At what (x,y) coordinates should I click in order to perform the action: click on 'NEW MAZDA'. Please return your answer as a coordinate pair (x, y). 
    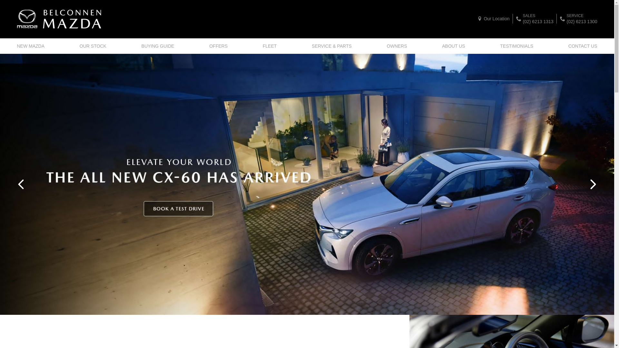
    Looking at the image, I should click on (17, 45).